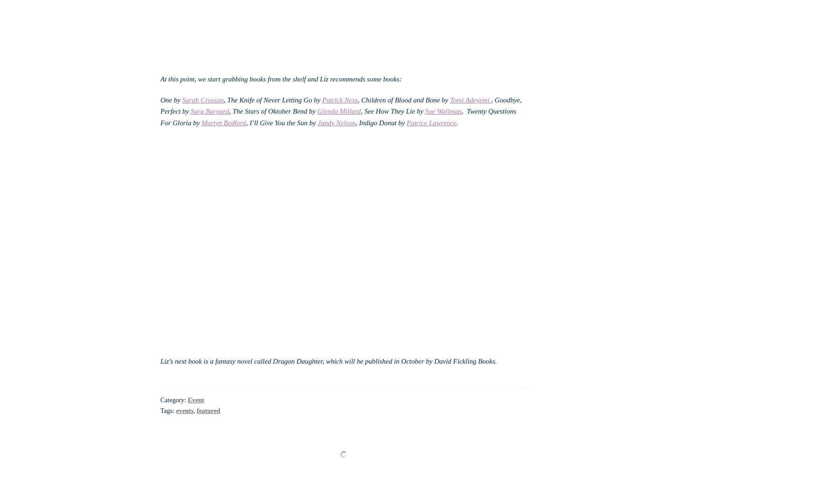 The width and height of the screenshot is (817, 494). I want to click on 'Sara Barnard', so click(190, 111).